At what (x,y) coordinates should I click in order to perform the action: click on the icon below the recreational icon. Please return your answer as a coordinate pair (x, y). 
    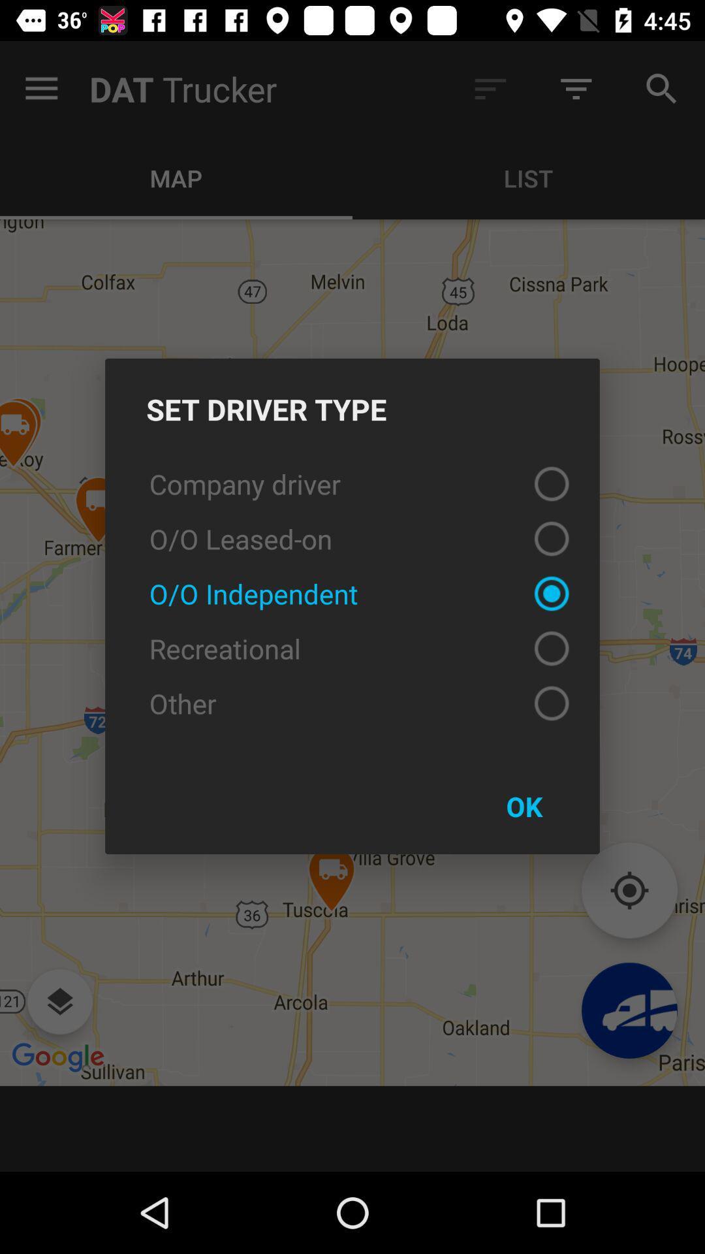
    Looking at the image, I should click on (352, 702).